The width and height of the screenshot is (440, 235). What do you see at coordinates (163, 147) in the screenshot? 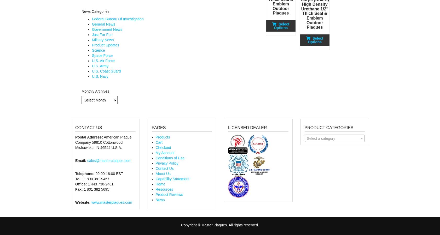
I see `'Checkout'` at bounding box center [163, 147].